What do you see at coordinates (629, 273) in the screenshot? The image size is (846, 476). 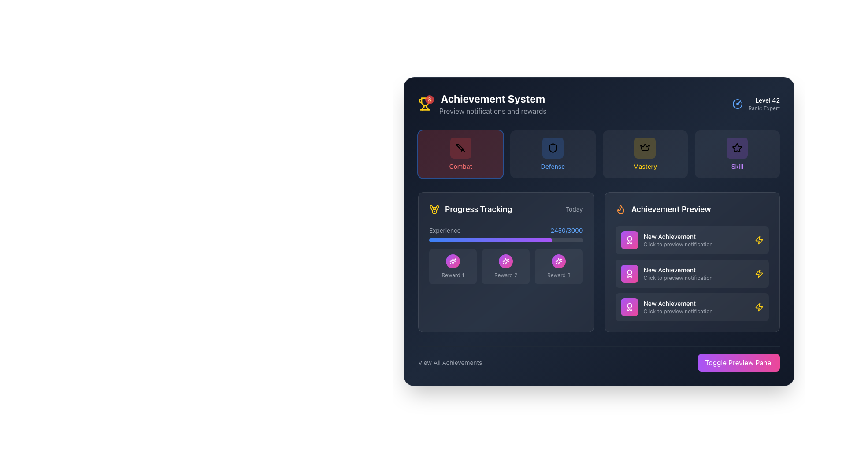 I see `the square-shaped button with a gradient background transitioning from purple to pink, featuring a white award icon in the center, located in the 'Achievement Preview' section as the leftmost item in the vertical column` at bounding box center [629, 273].